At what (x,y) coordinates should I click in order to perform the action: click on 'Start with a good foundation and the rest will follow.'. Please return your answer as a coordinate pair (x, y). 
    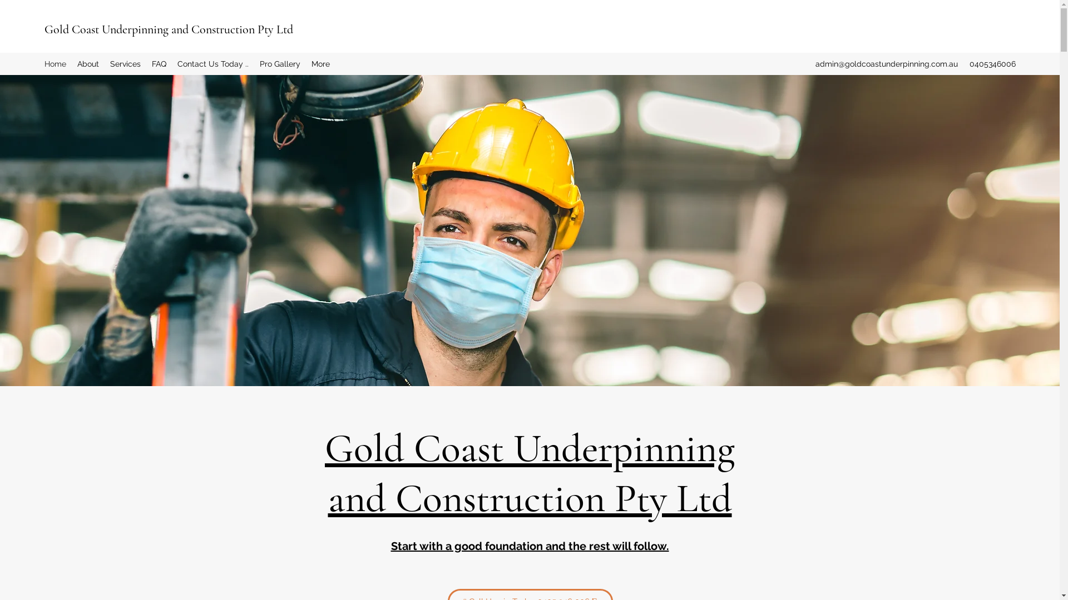
    Looking at the image, I should click on (528, 546).